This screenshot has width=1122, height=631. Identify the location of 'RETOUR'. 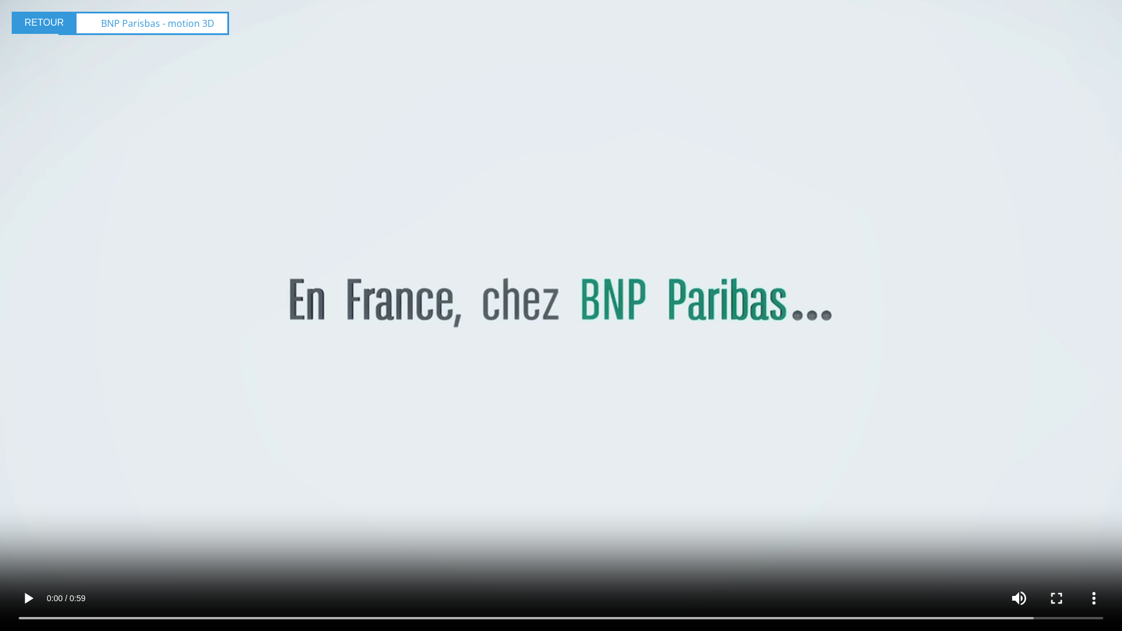
(44, 22).